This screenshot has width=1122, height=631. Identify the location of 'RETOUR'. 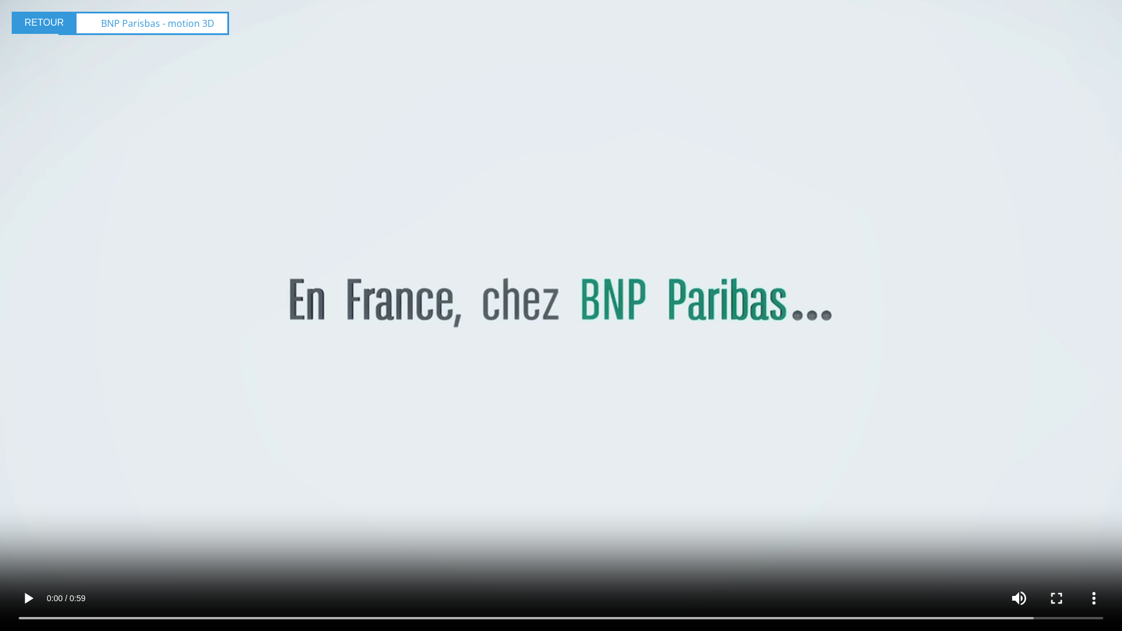
(44, 22).